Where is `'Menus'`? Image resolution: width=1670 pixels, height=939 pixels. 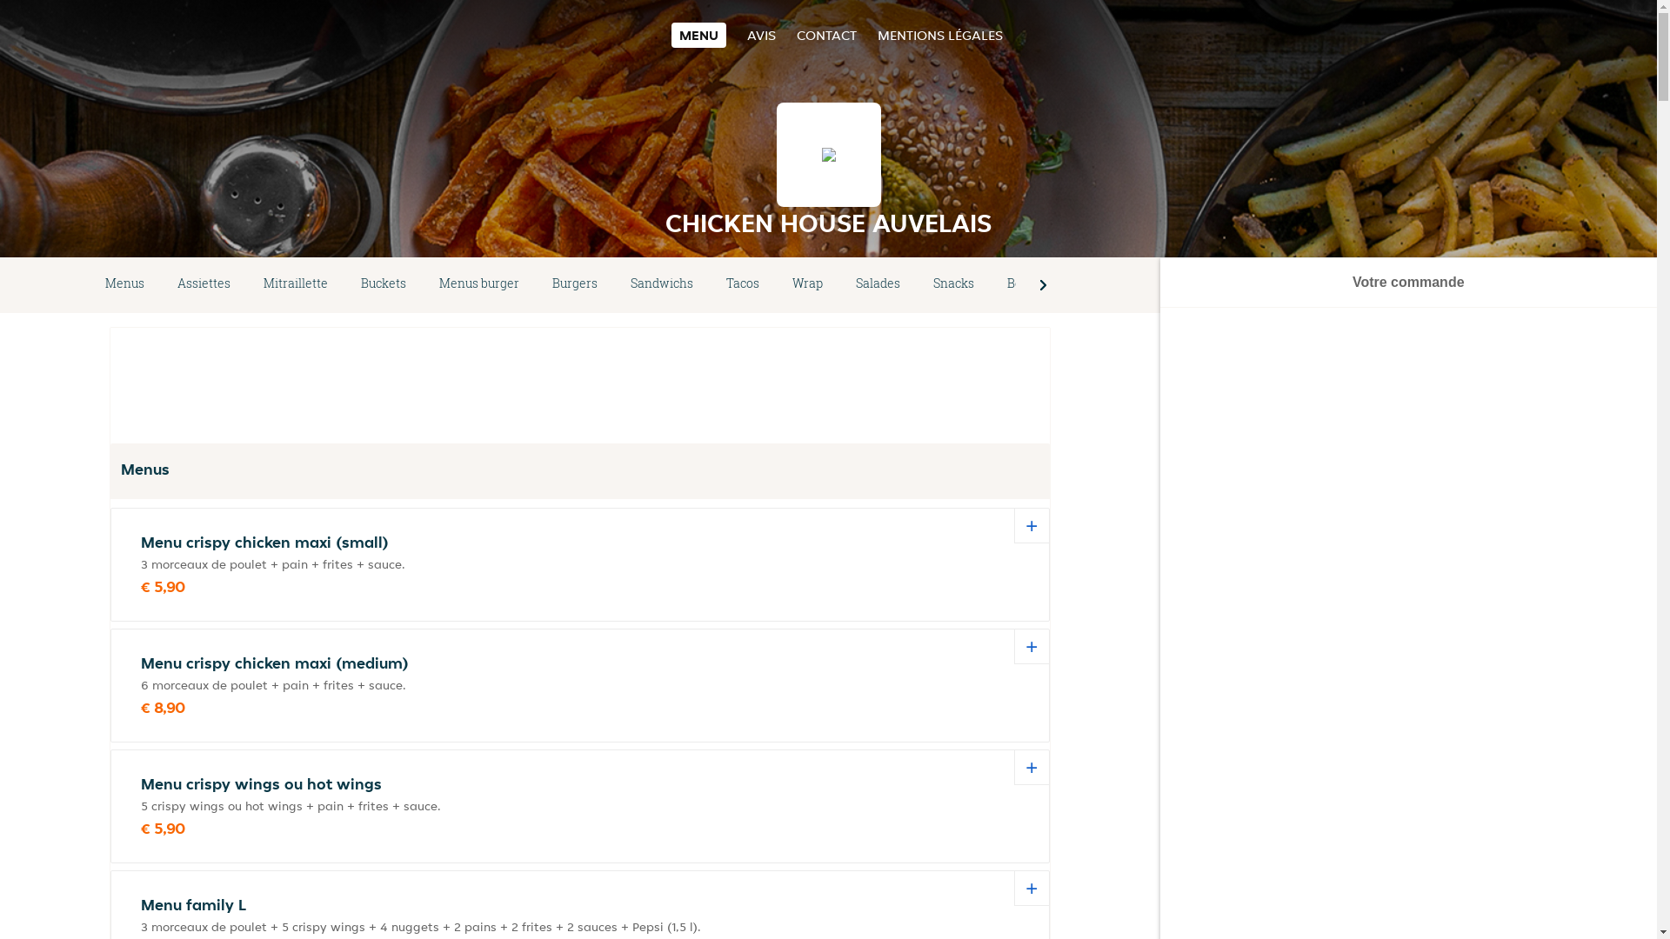
'Menus' is located at coordinates (87, 283).